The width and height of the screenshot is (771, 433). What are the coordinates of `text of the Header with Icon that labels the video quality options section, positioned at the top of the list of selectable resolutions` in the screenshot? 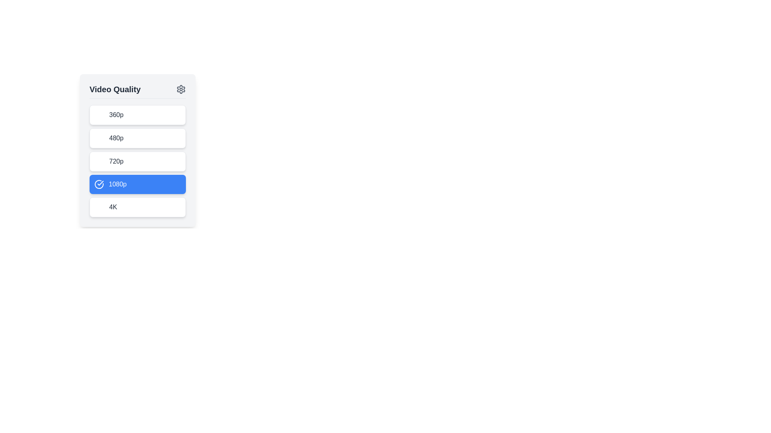 It's located at (137, 91).